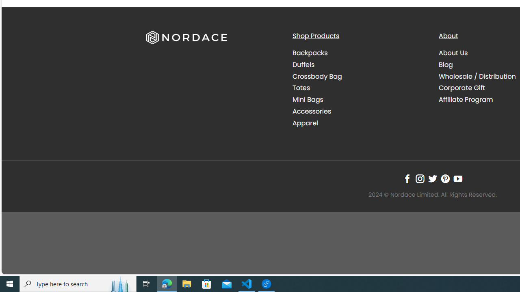 The height and width of the screenshot is (292, 520). I want to click on 'Follow on Facebook', so click(407, 178).